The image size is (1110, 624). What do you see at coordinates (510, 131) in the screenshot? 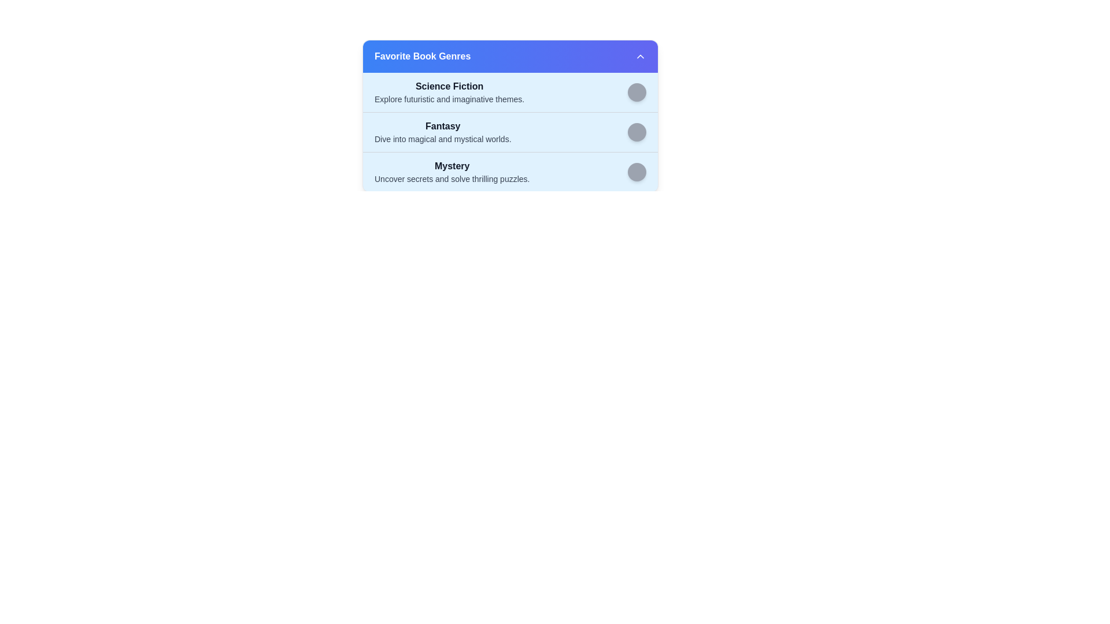
I see `the circular button of the 'Fantasy' list item in the 'Favorite Book Genres' section for interaction` at bounding box center [510, 131].